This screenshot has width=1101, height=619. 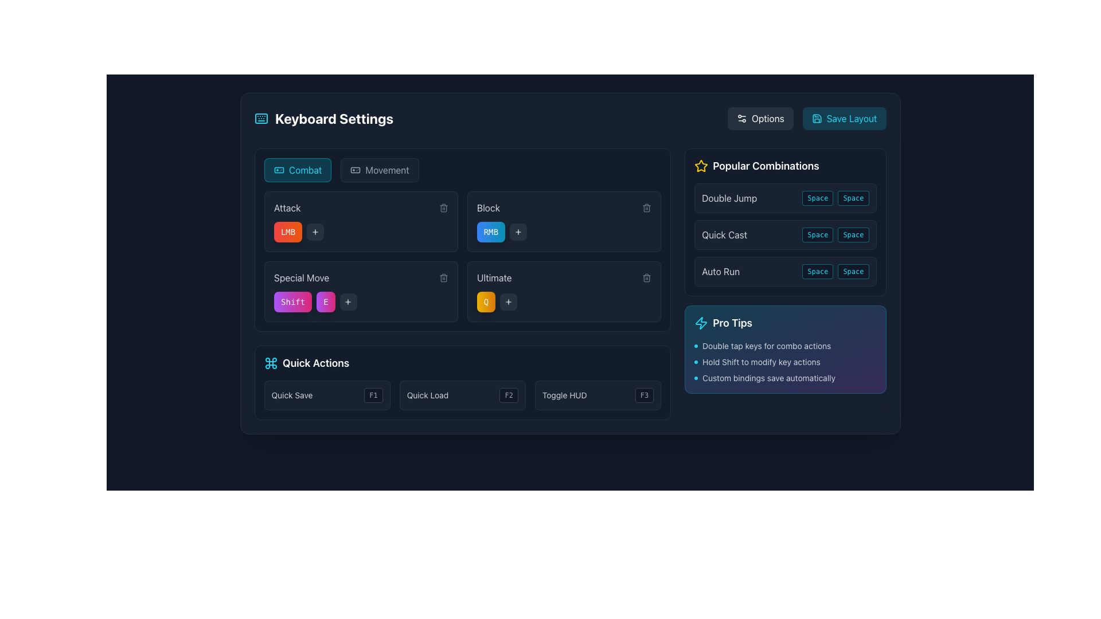 I want to click on the cyan-colored keyboard icon located to the left of the 'Keyboard Settings' title in the top-left of the main content area, so click(x=260, y=119).